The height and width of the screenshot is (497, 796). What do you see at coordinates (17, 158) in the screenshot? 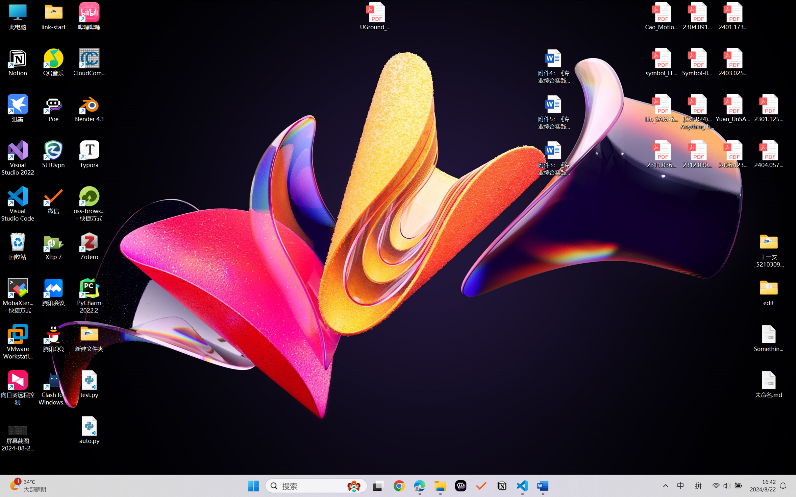
I see `'Visual Studio 2022'` at bounding box center [17, 158].